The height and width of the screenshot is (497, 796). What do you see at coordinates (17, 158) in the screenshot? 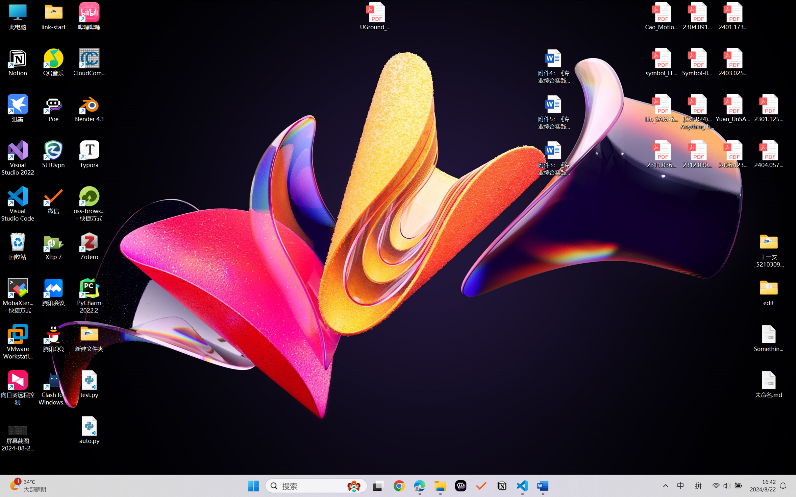
I see `'Visual Studio 2022'` at bounding box center [17, 158].